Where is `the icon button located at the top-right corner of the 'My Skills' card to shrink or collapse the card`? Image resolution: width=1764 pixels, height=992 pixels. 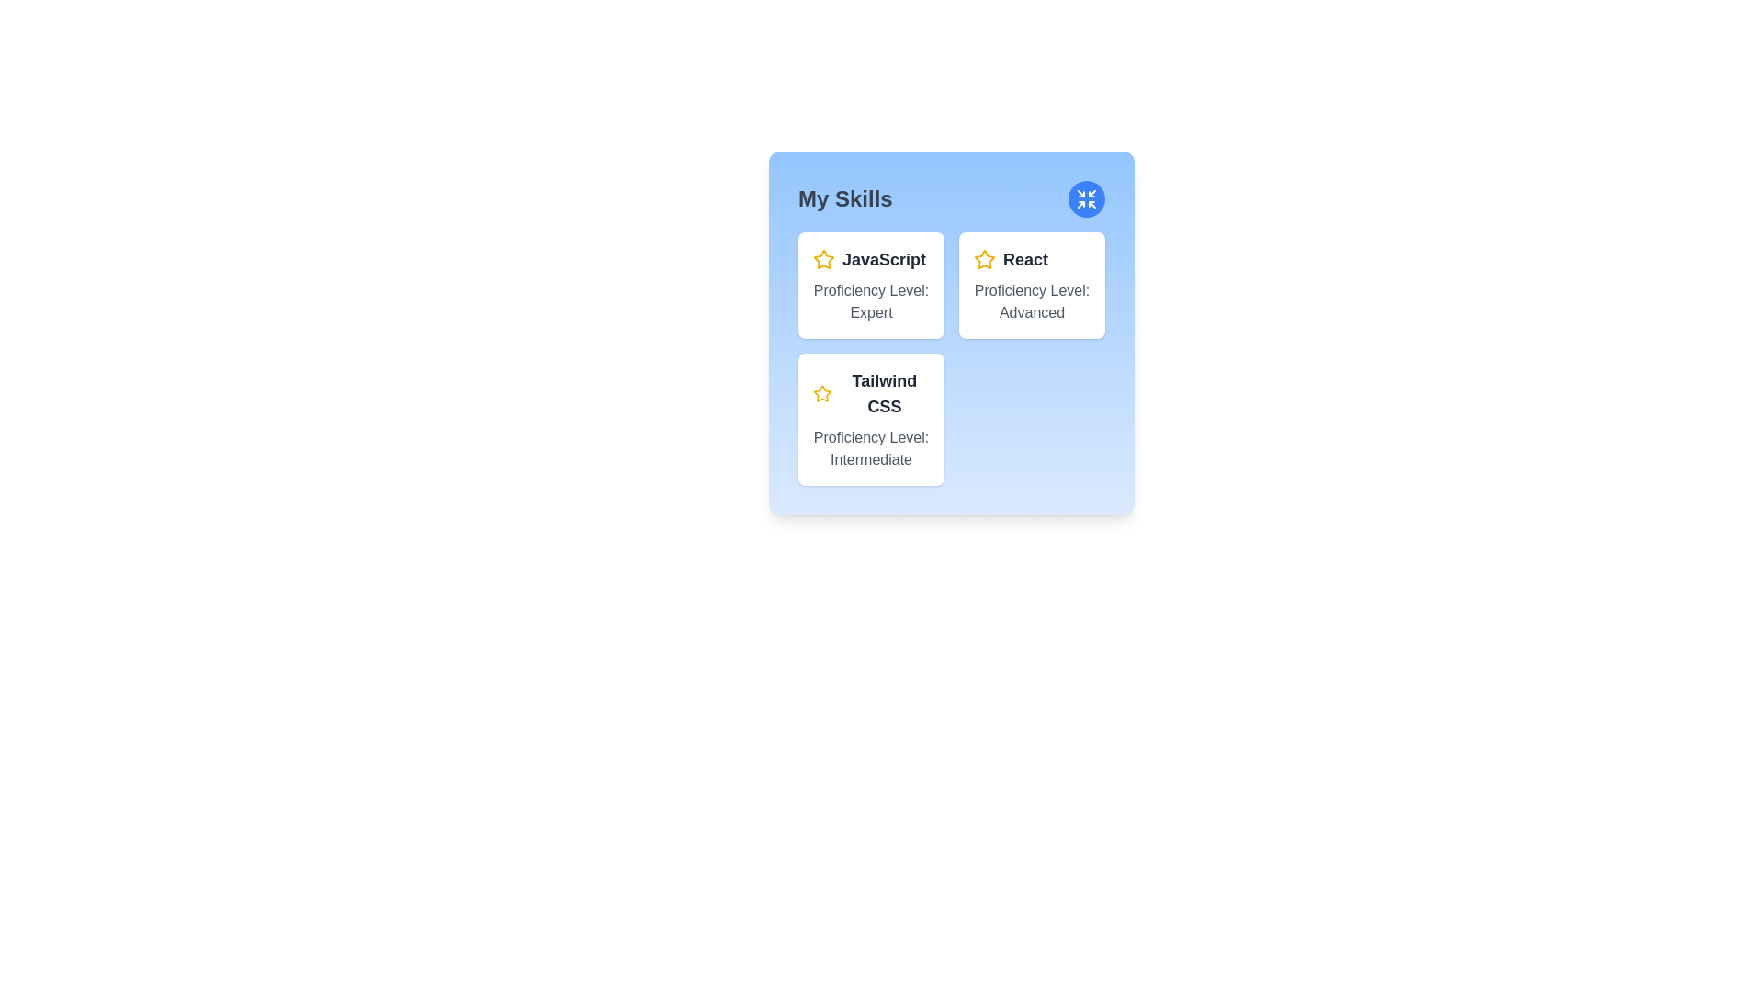
the icon button located at the top-right corner of the 'My Skills' card to shrink or collapse the card is located at coordinates (1086, 198).